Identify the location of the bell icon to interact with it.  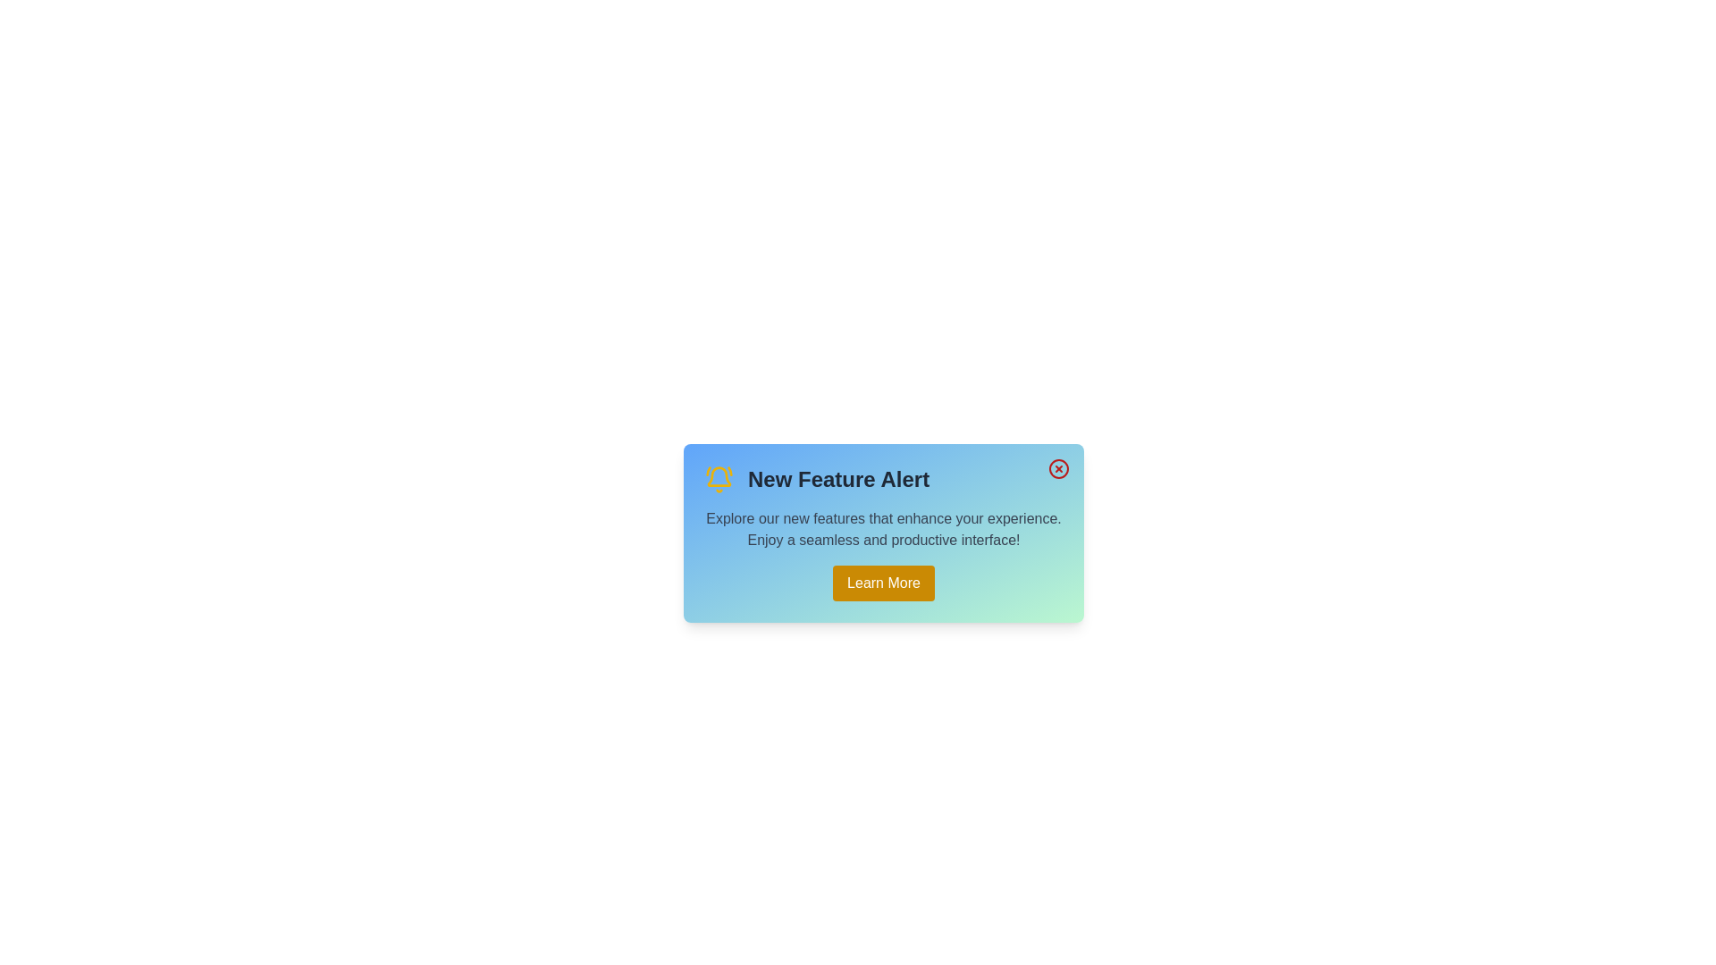
(719, 478).